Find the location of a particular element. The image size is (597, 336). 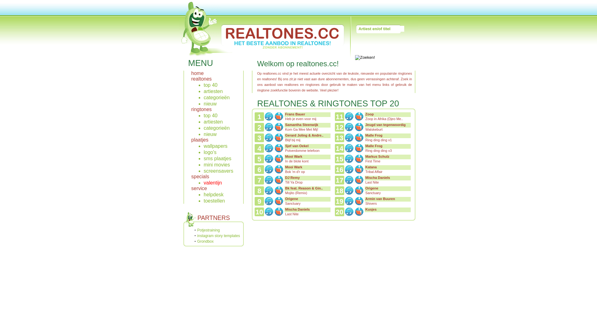

'First Time' is located at coordinates (365, 161).